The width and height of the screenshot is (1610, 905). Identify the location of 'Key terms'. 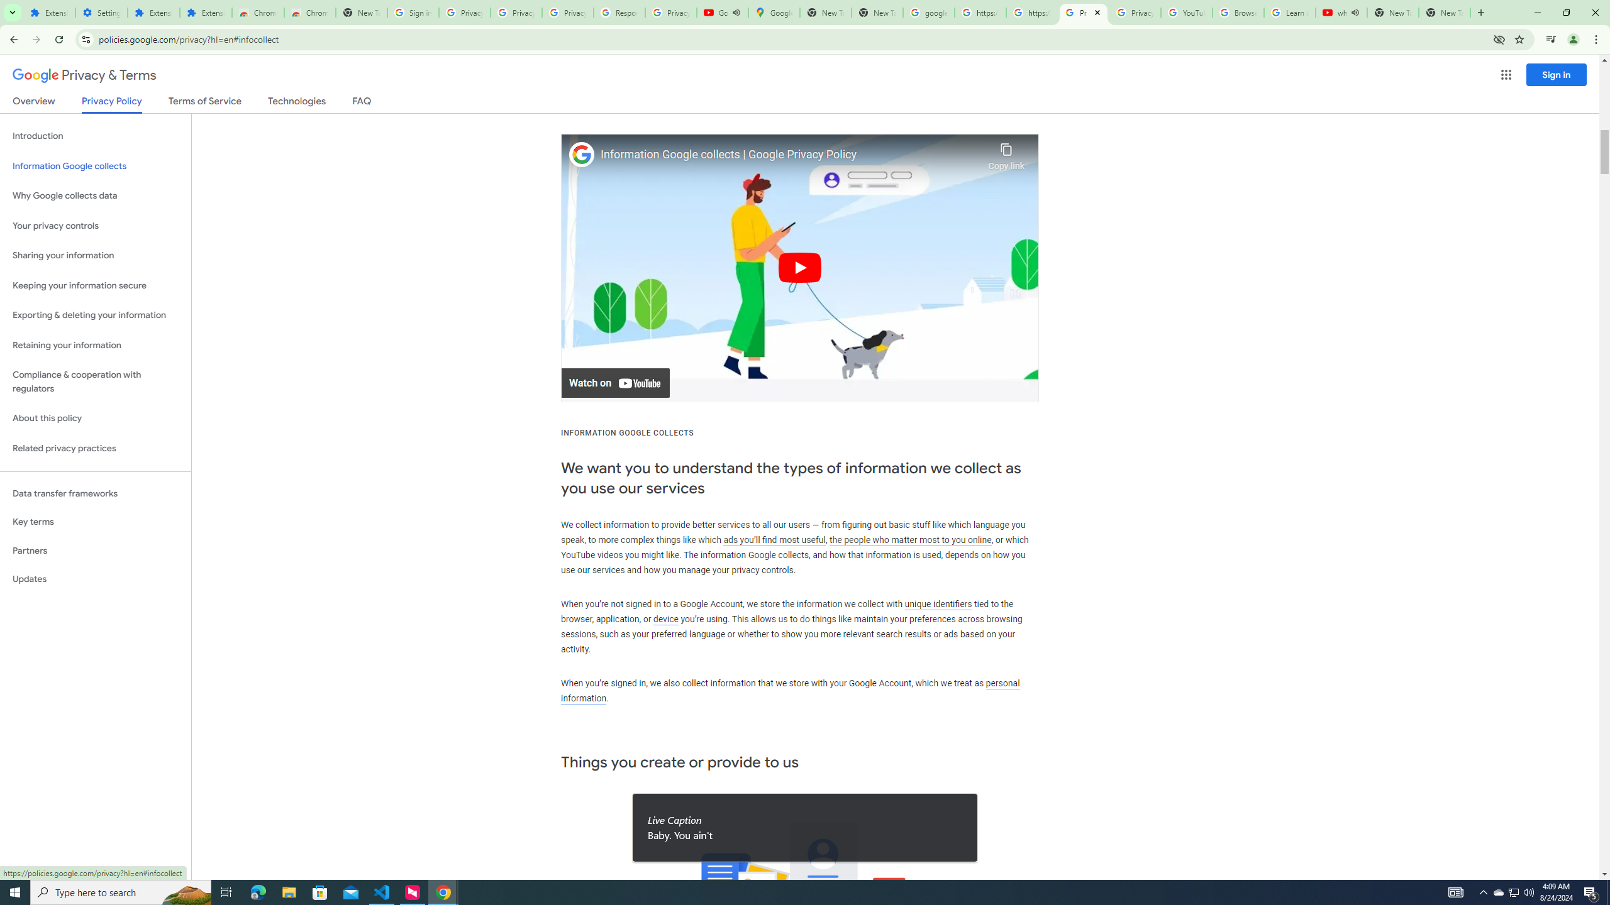
(95, 522).